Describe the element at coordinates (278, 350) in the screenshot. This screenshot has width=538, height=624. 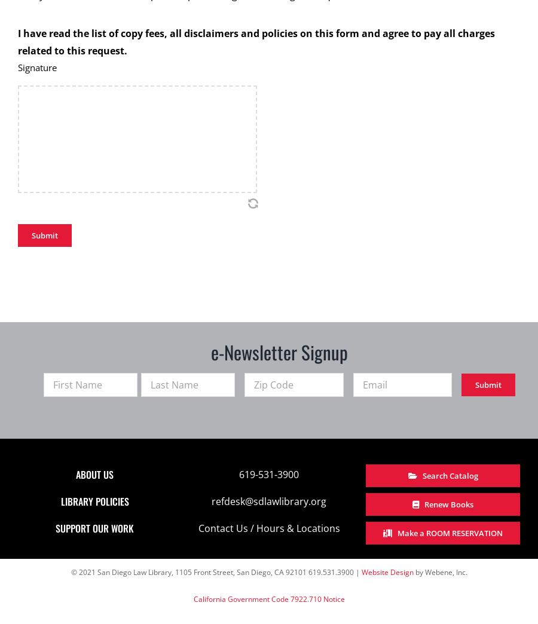
I see `'e-Newsletter Signup'` at that location.